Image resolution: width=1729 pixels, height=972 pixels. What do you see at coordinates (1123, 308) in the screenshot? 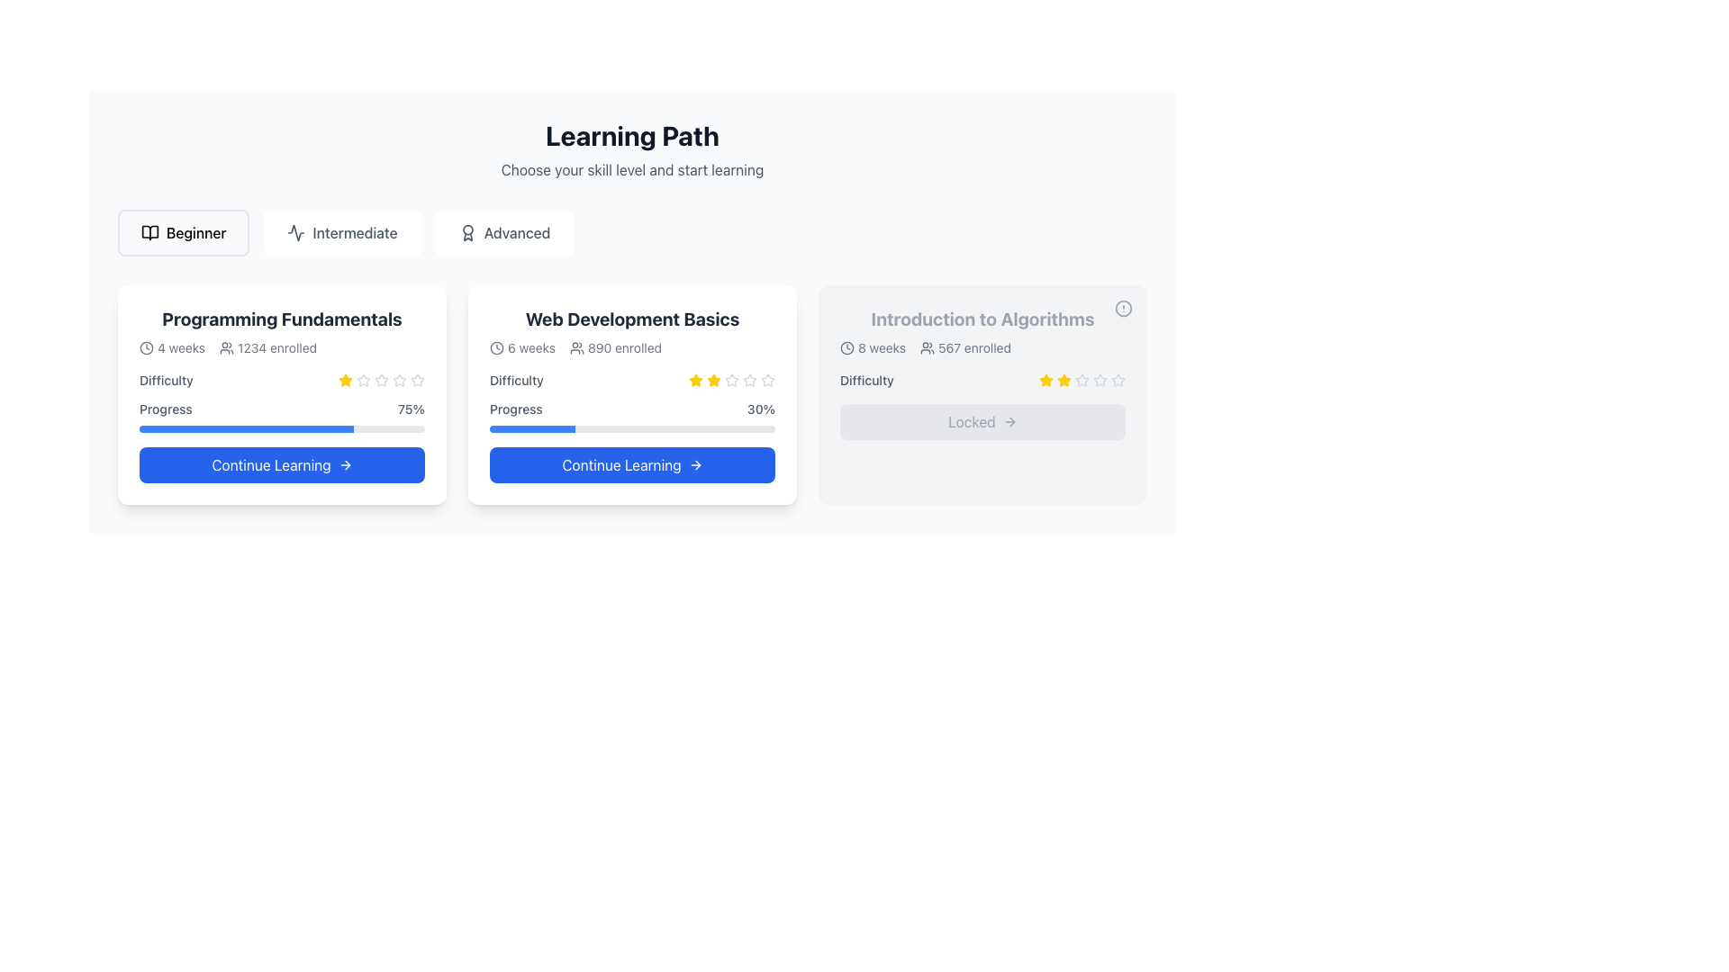
I see `the warning or informational alert icon located at the top-right corner of the 'Introduction to Algorithms' course card` at bounding box center [1123, 308].